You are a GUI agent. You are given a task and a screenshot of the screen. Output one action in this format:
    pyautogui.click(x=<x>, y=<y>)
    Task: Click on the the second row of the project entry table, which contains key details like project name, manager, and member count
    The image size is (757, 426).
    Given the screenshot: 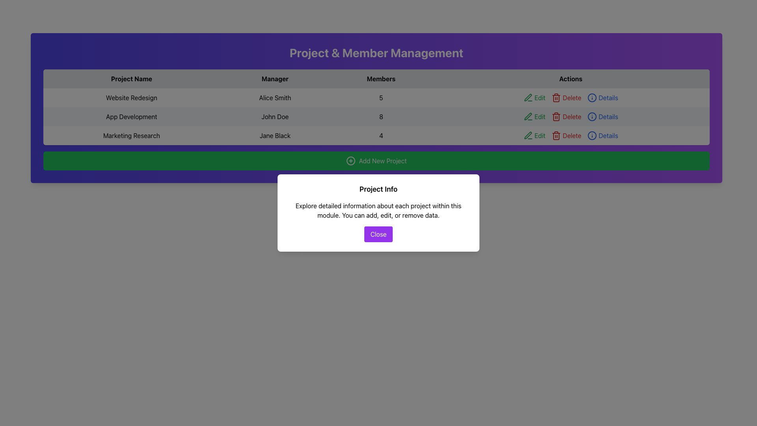 What is the action you would take?
    pyautogui.click(x=376, y=117)
    